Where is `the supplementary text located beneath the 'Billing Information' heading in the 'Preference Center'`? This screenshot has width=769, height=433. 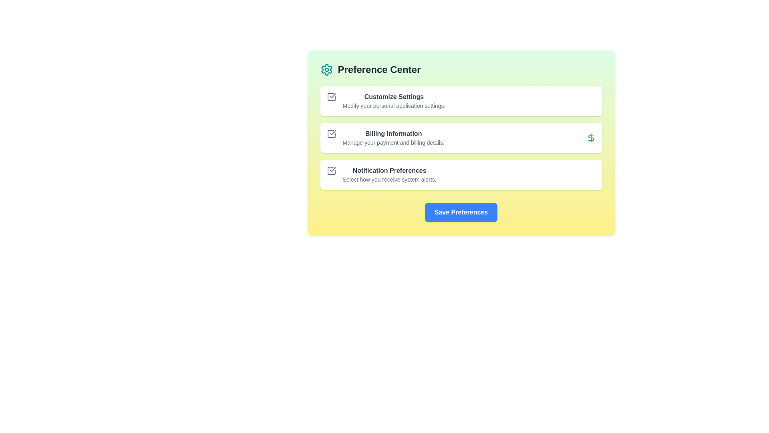 the supplementary text located beneath the 'Billing Information' heading in the 'Preference Center' is located at coordinates (393, 142).